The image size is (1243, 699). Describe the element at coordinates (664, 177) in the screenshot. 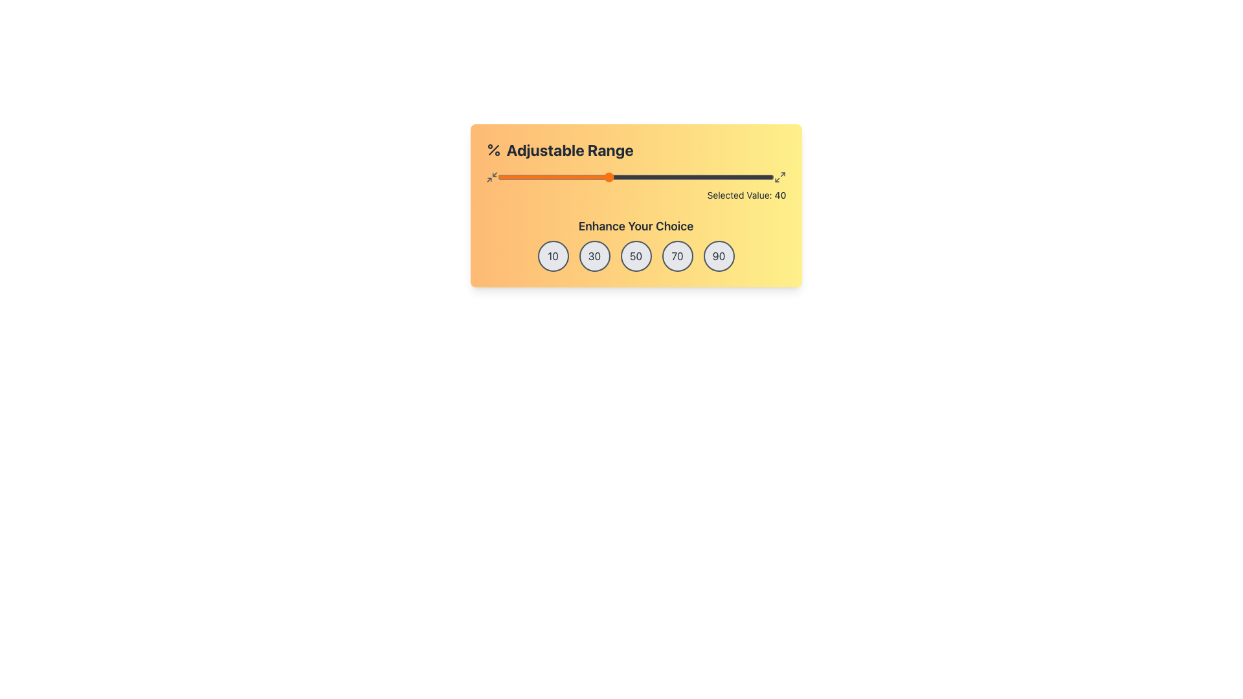

I see `the slider value` at that location.